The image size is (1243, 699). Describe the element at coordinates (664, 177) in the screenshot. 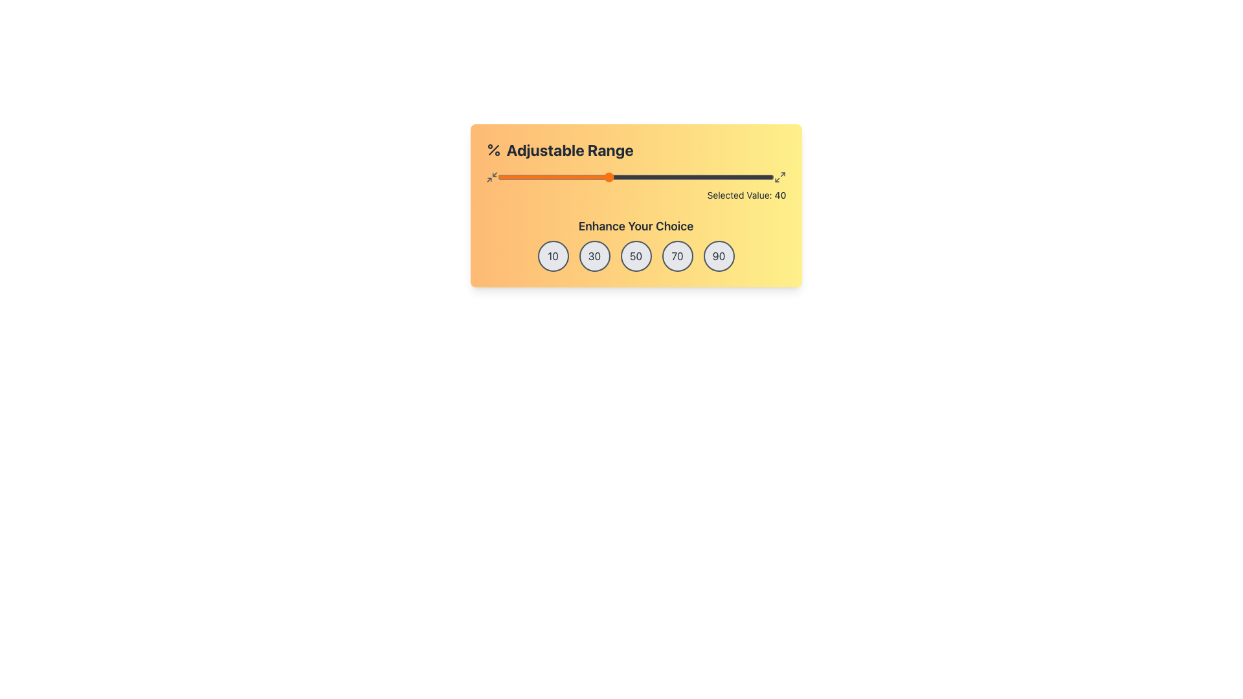

I see `the slider value` at that location.